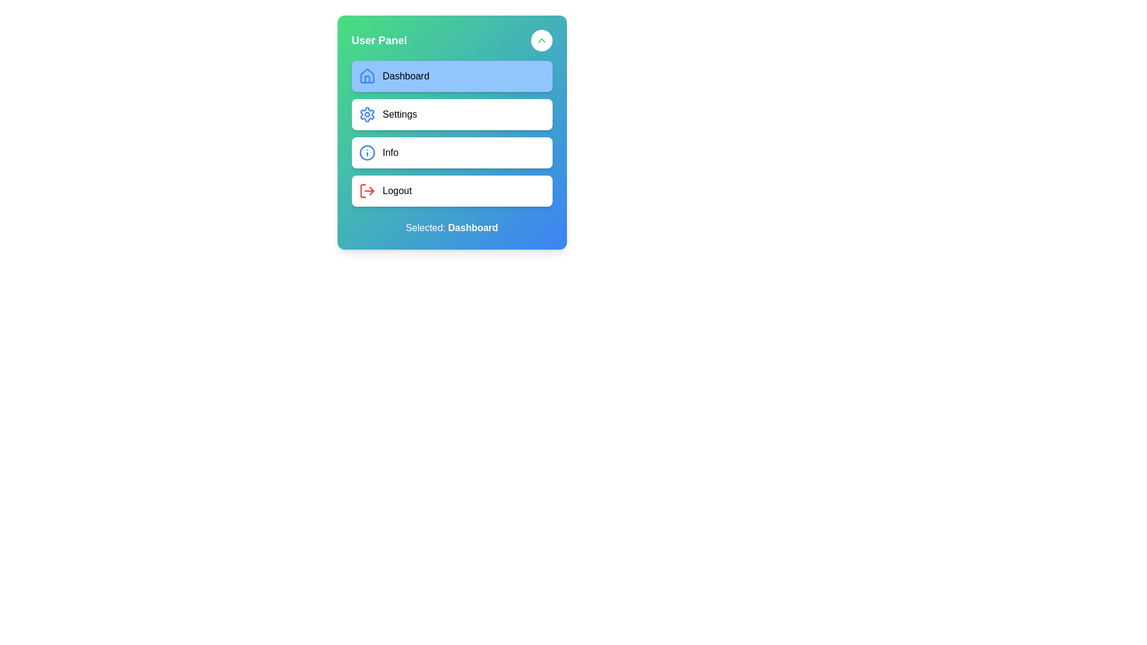 The height and width of the screenshot is (645, 1147). I want to click on the Decorative Icon that represents access to the settings menu, located to the left of the 'Settings' label in the vertical stack menu, so click(366, 115).